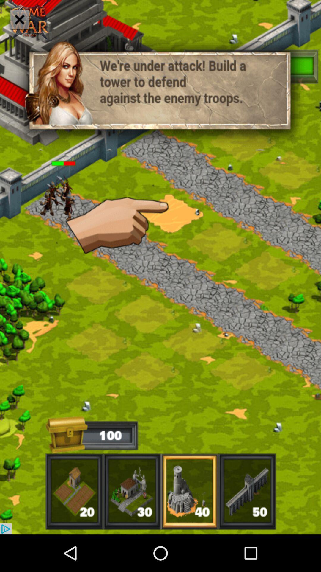 This screenshot has width=321, height=572. Describe the element at coordinates (19, 19) in the screenshot. I see `the close icon` at that location.